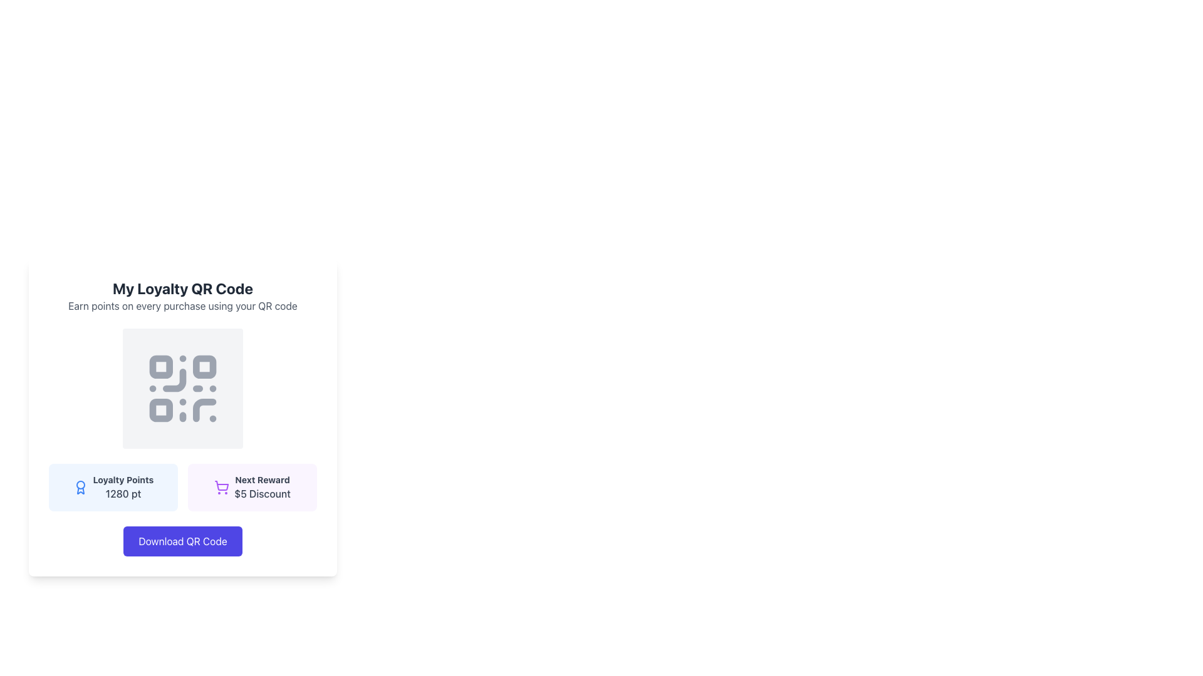 The width and height of the screenshot is (1203, 676). I want to click on the text label indicating points earned in the loyalty program, located in the upper portion of a light blue box on the left side of the interface, so click(123, 479).